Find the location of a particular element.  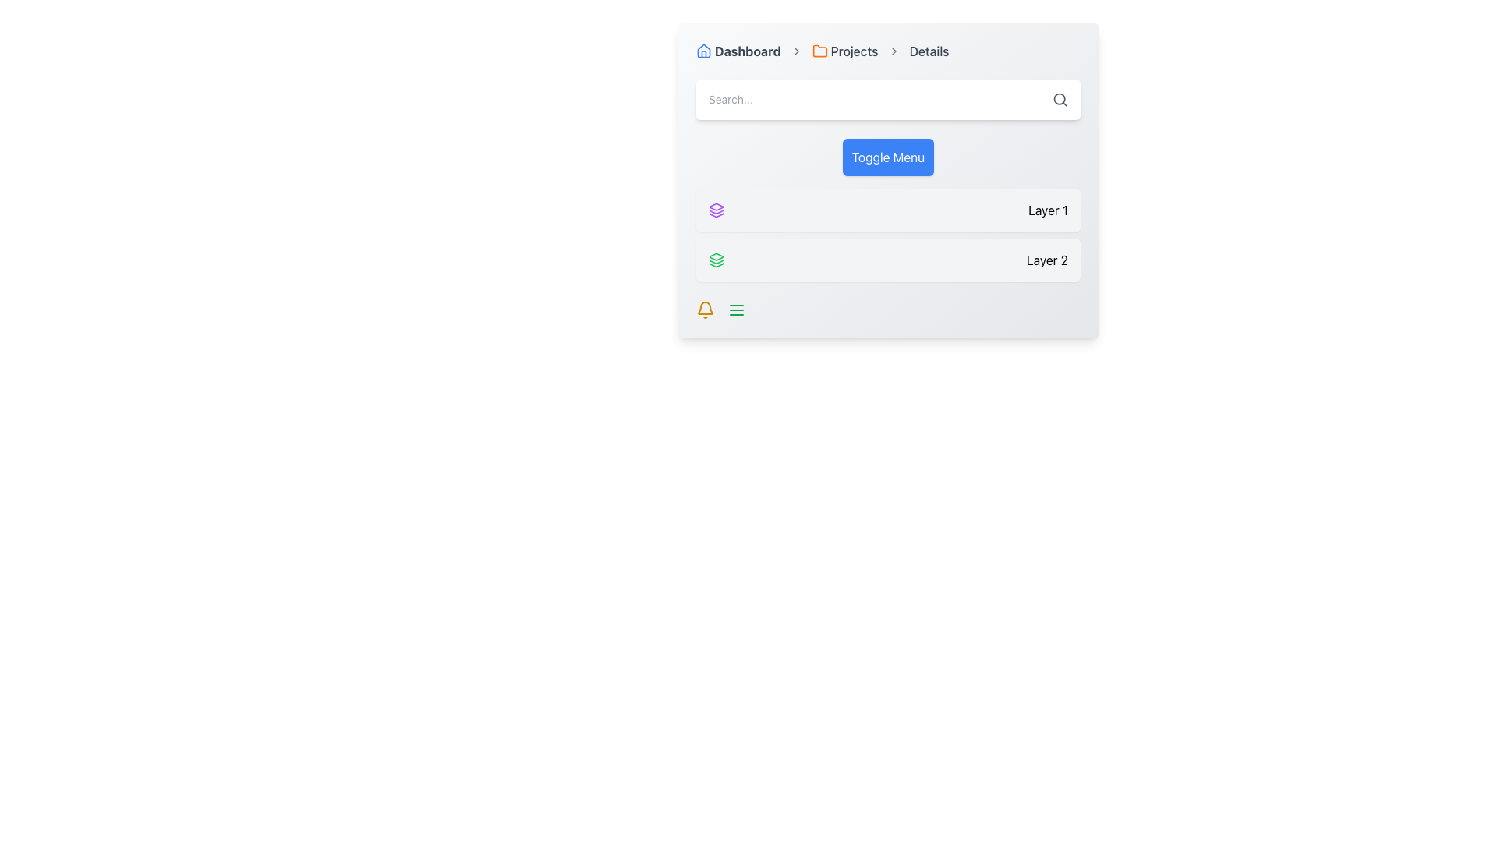

the green menu icon, which consists of three horizontal lines, located in the bottom right corner of the interface to change its highlight color is located at coordinates (736, 310).